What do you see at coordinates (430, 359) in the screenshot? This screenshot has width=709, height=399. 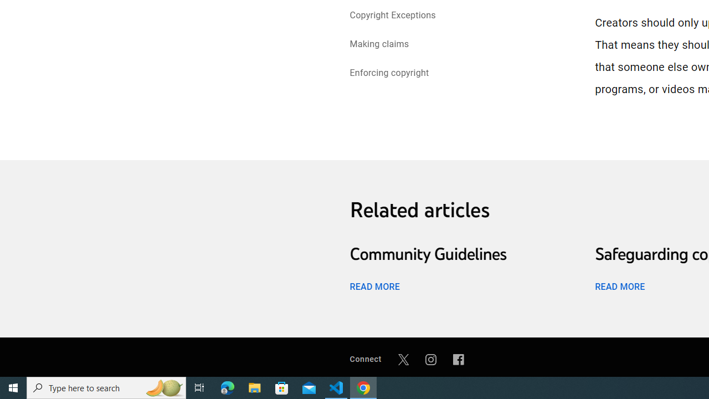 I see `'Instagram'` at bounding box center [430, 359].